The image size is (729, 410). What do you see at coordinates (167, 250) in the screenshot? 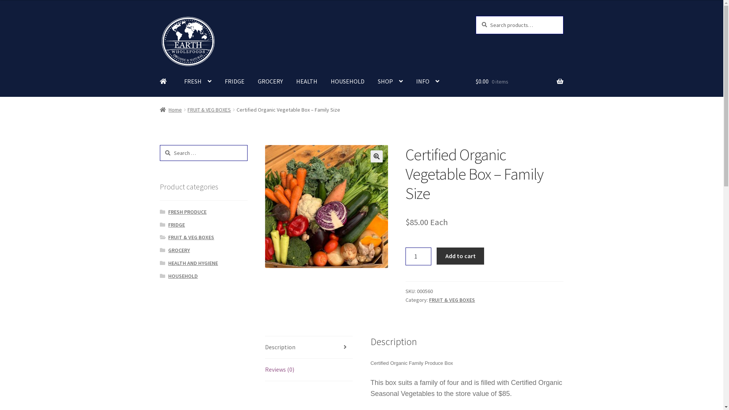
I see `'GROCERY'` at bounding box center [167, 250].